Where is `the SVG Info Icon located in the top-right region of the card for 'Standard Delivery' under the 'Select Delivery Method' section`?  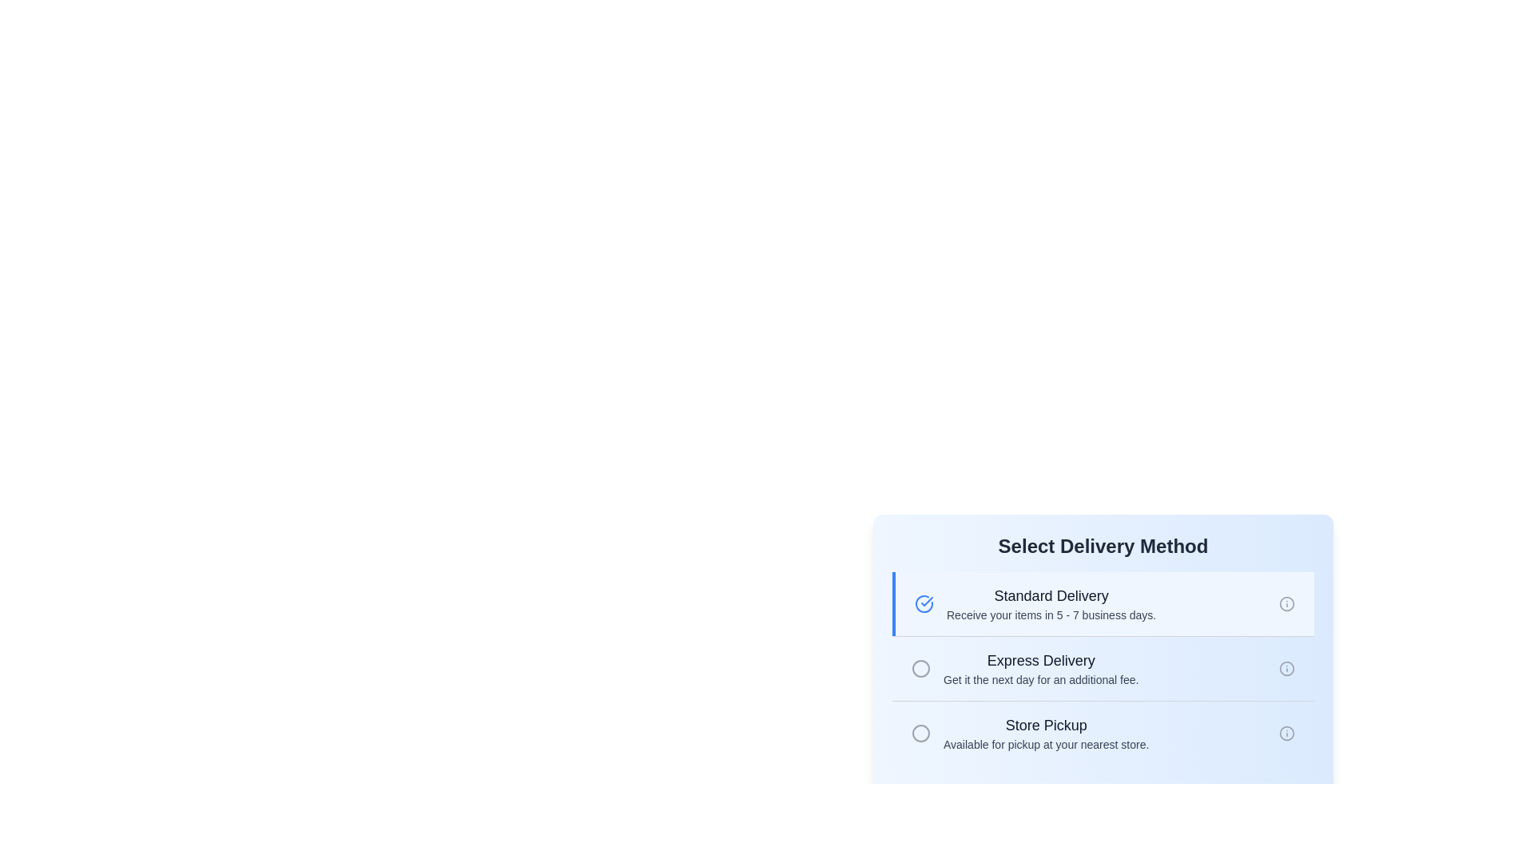 the SVG Info Icon located in the top-right region of the card for 'Standard Delivery' under the 'Select Delivery Method' section is located at coordinates (1287, 604).